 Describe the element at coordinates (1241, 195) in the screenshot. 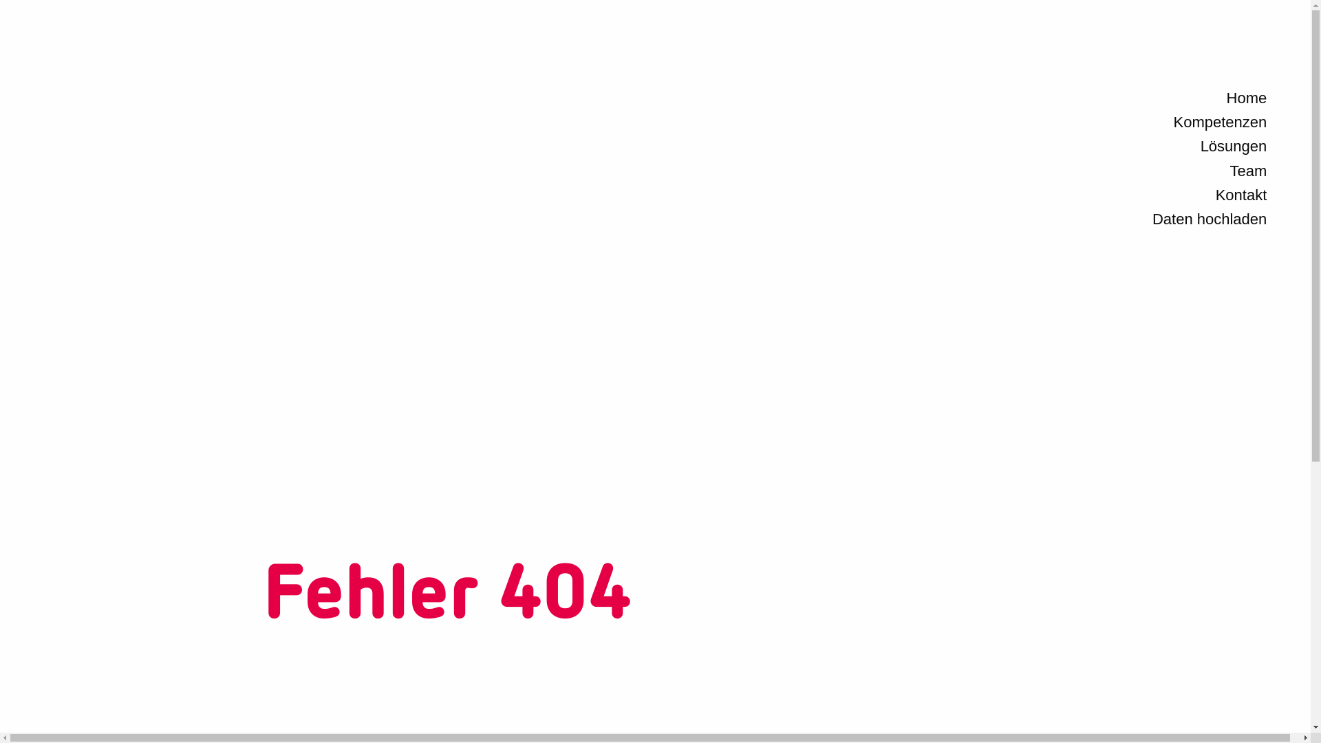

I see `'Kontakt'` at that location.